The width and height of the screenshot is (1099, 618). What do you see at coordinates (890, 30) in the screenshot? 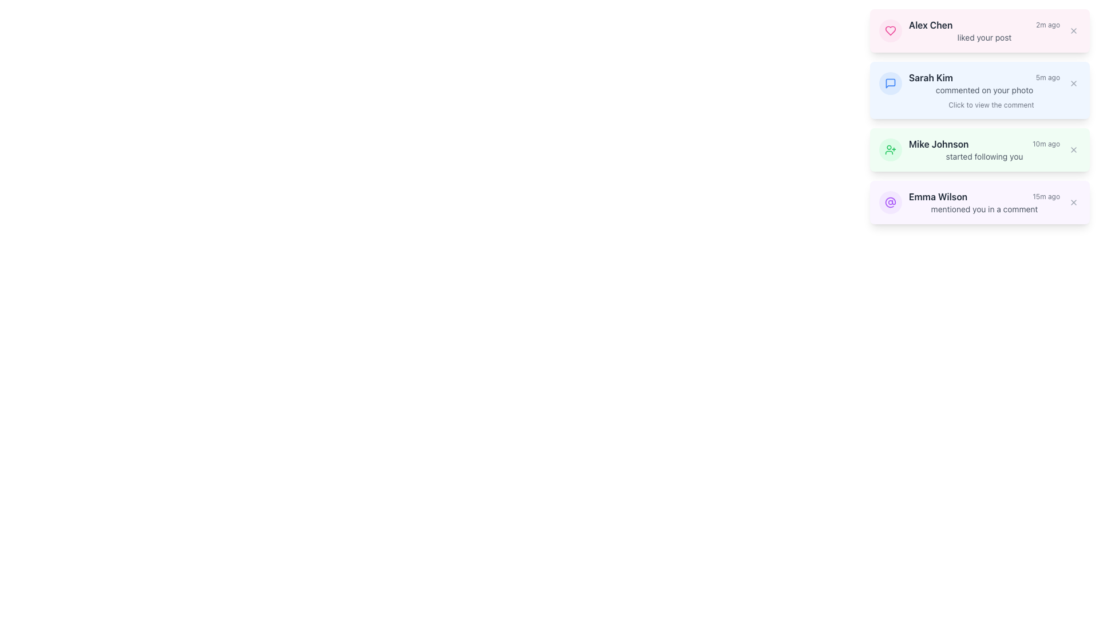
I see `the heart-shaped icon filled with a pink shade` at bounding box center [890, 30].